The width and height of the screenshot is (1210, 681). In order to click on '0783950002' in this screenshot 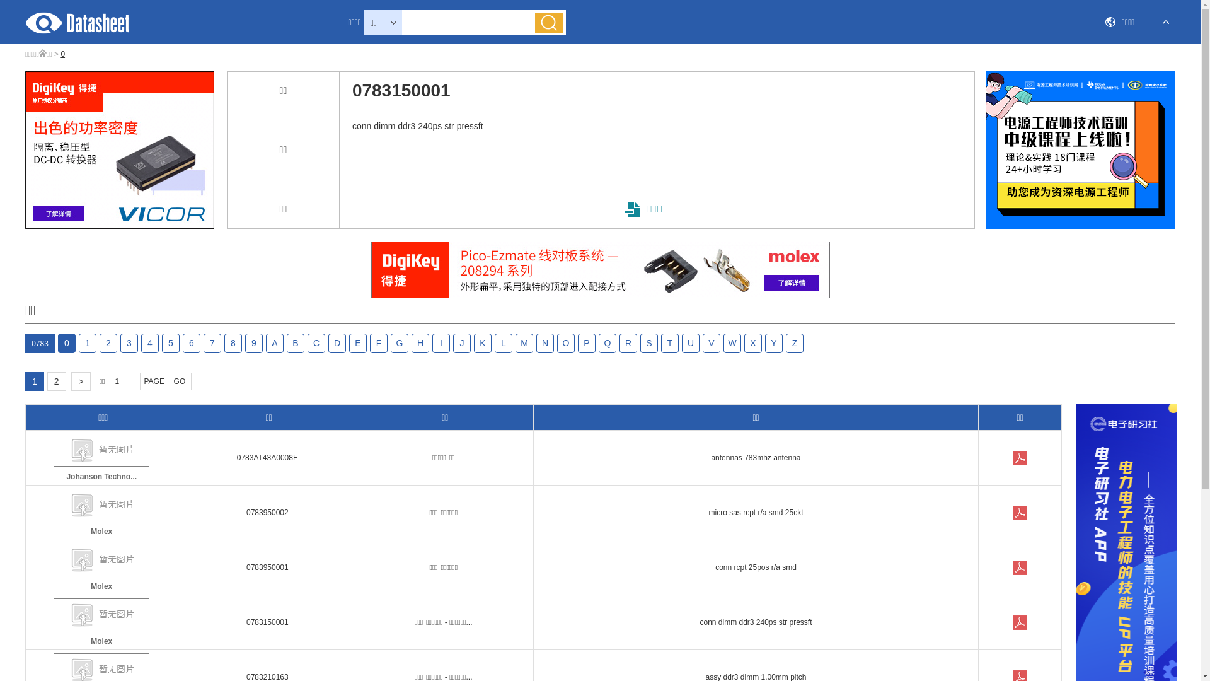, I will do `click(246, 513)`.